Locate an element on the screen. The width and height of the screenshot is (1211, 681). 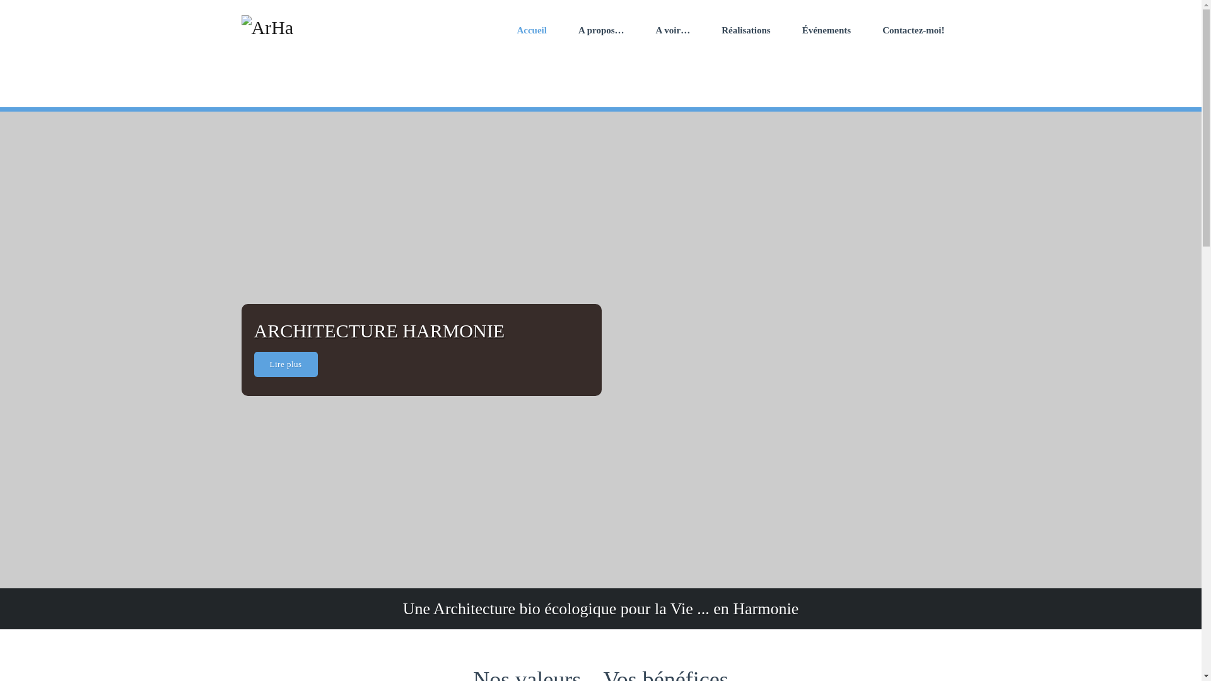
'Skip to content' is located at coordinates (0, 0).